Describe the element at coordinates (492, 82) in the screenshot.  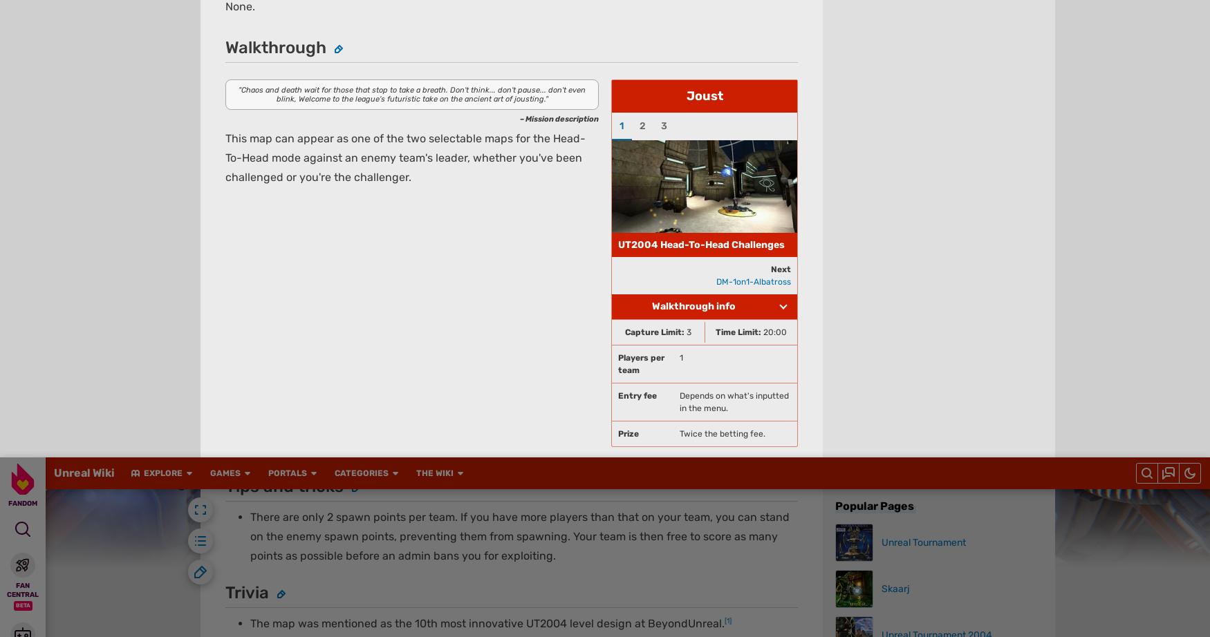
I see `'Local Sitemap'` at that location.